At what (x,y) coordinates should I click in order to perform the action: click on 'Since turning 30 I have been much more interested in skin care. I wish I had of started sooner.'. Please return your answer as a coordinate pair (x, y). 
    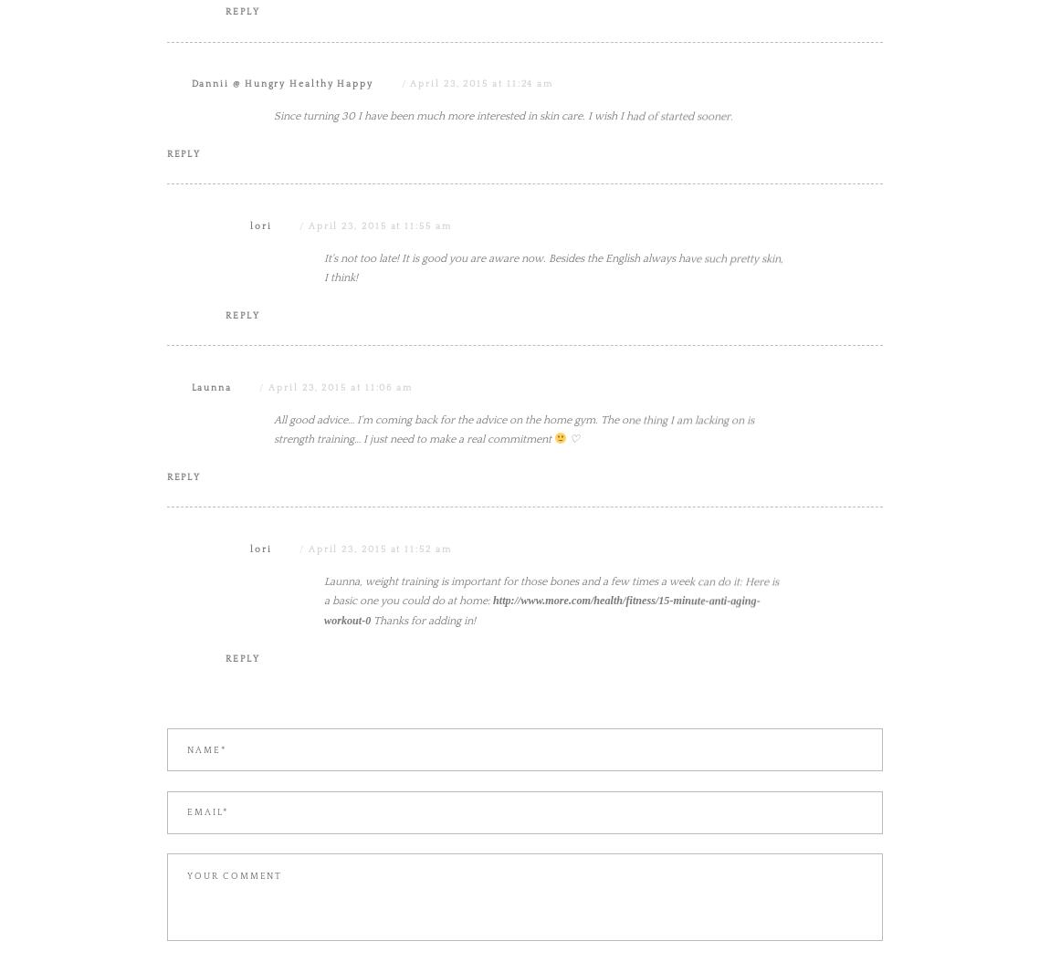
    Looking at the image, I should click on (503, 299).